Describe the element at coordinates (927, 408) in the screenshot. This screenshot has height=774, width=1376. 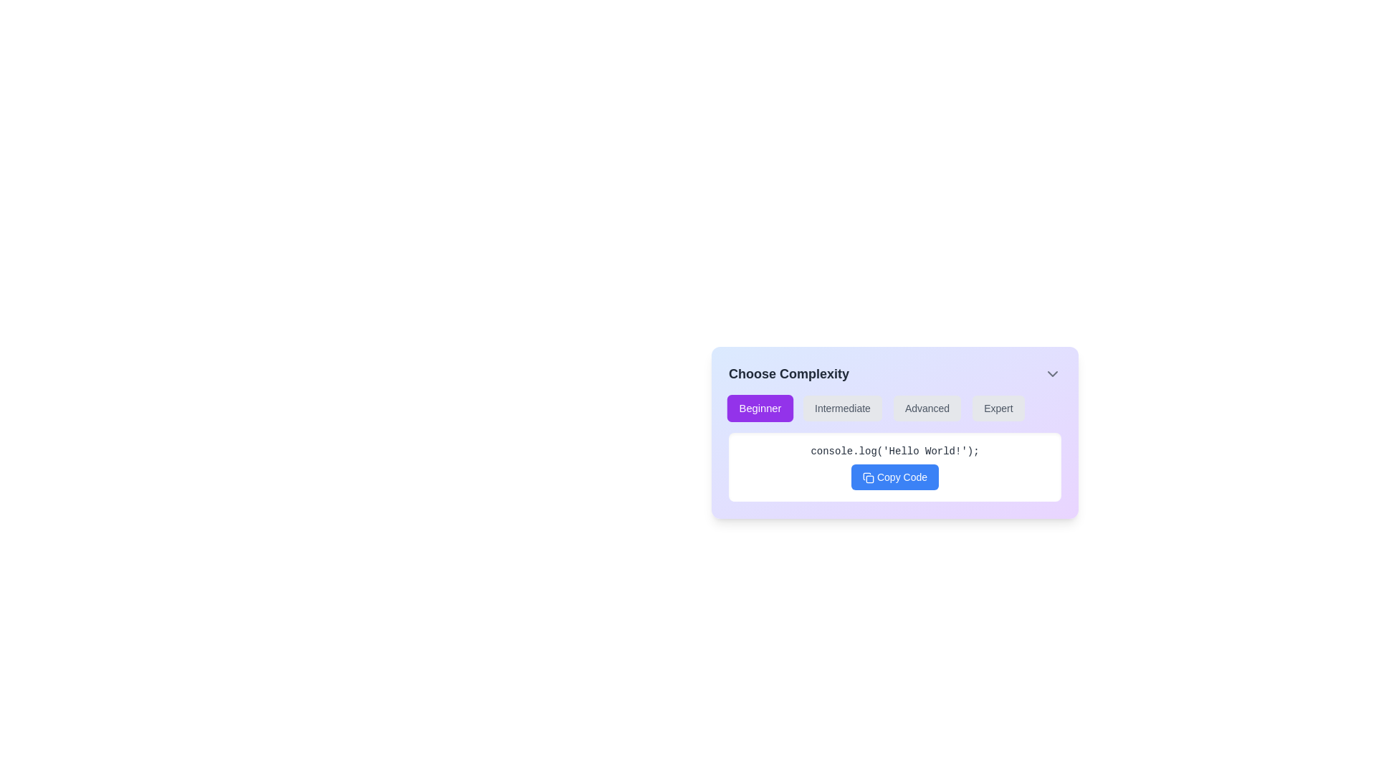
I see `the 'Advanced' complexity level button located in the pop-up interface box labeled 'Choose Complexity'` at that location.